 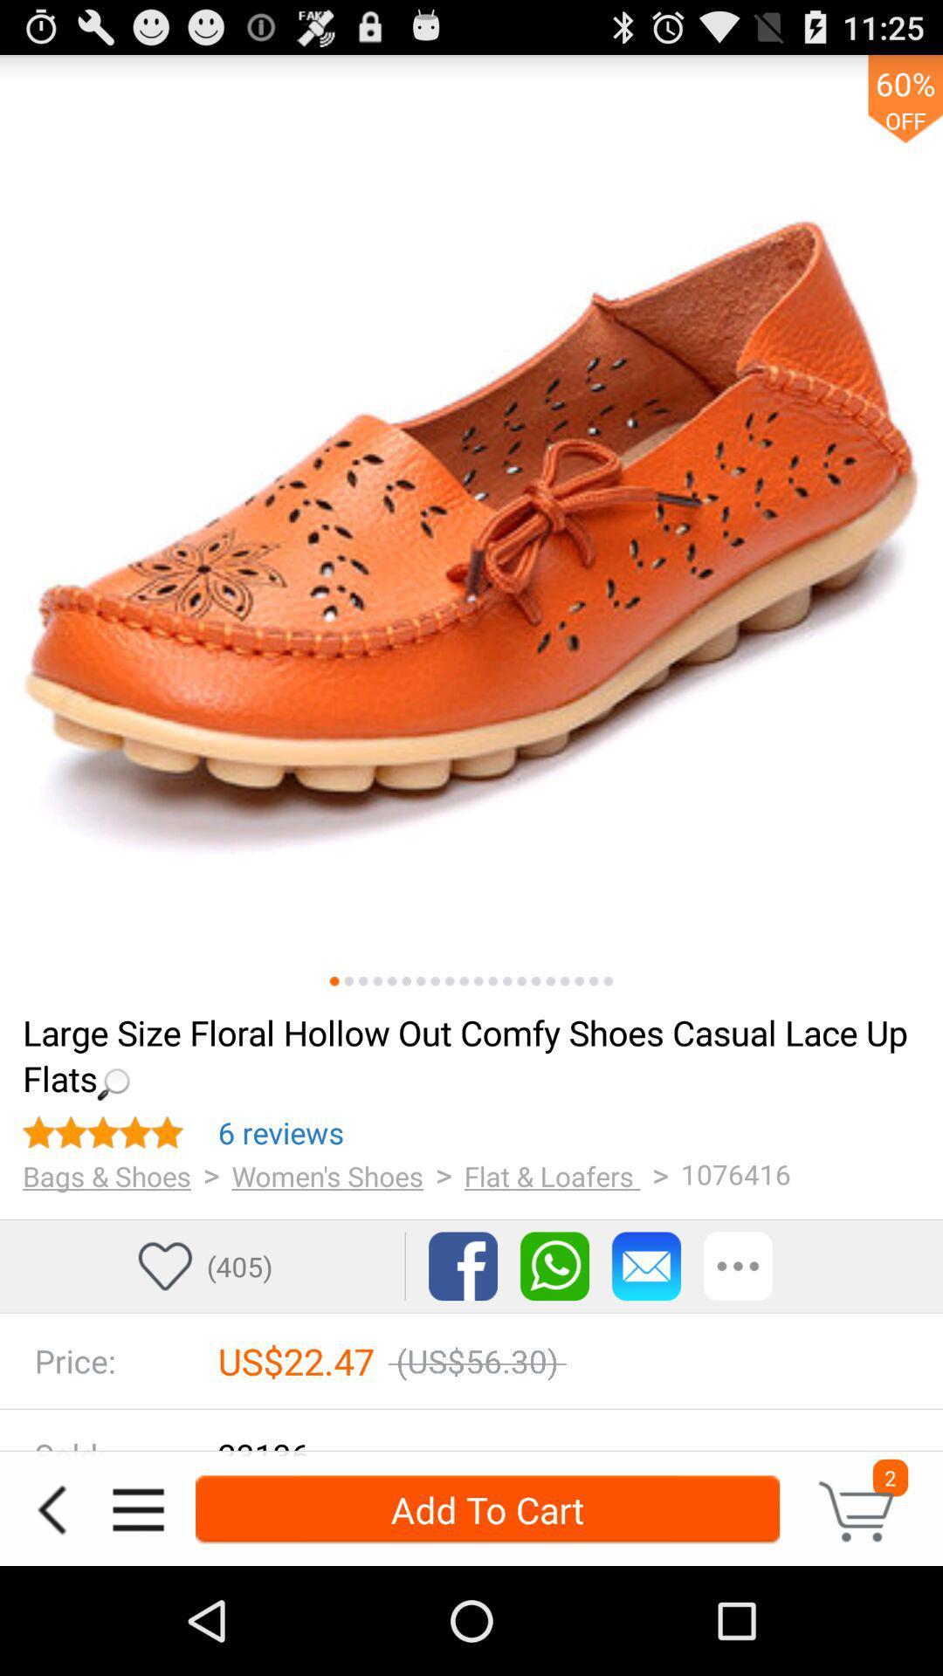 What do you see at coordinates (593, 981) in the screenshot?
I see `a different image` at bounding box center [593, 981].